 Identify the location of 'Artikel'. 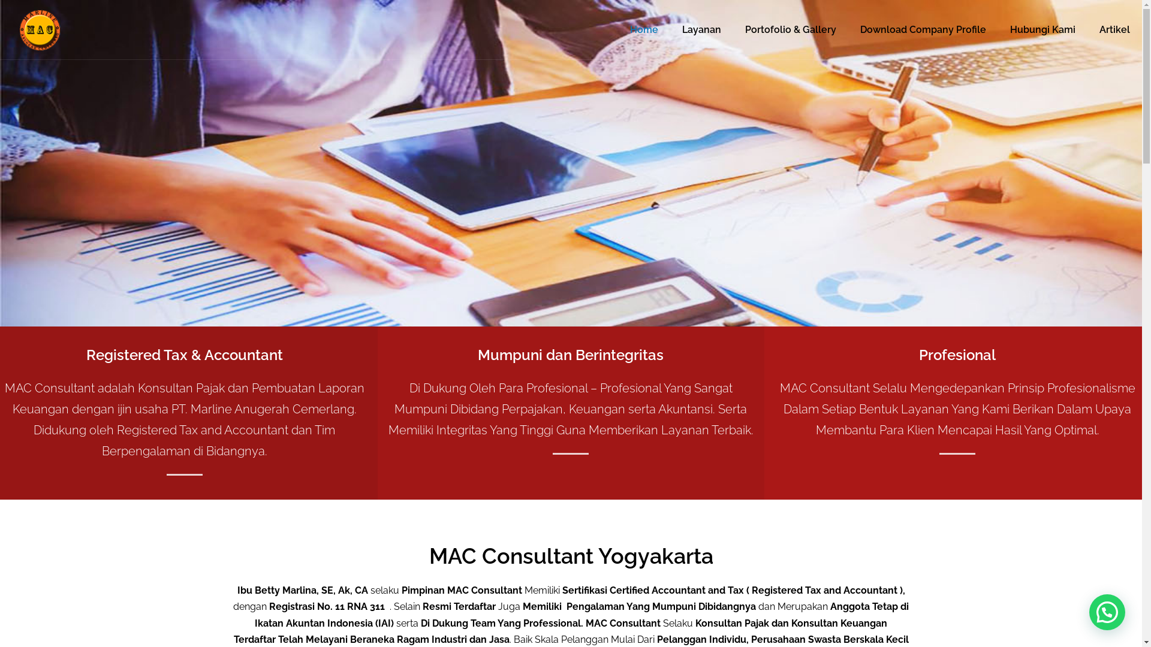
(1114, 29).